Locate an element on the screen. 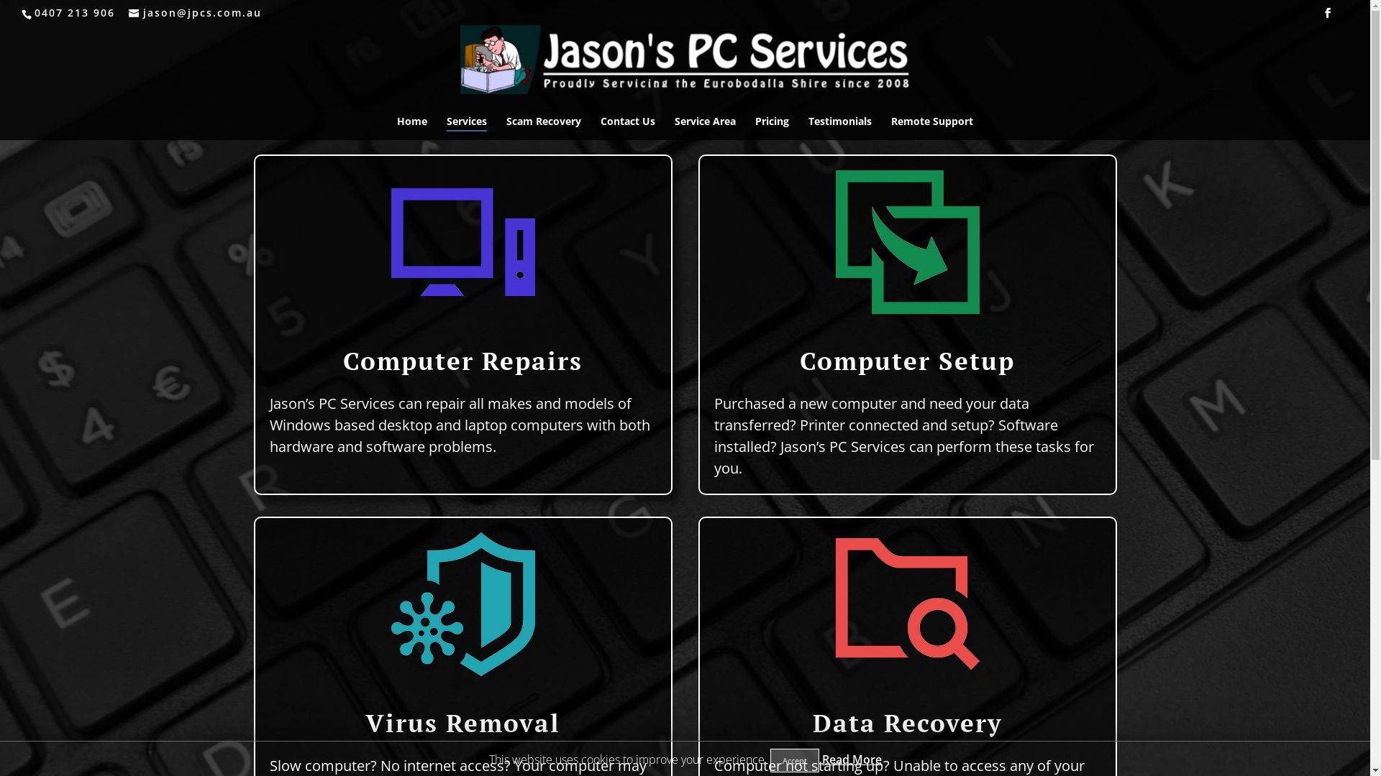 The image size is (1381, 776). 'Read More' is located at coordinates (851, 758).